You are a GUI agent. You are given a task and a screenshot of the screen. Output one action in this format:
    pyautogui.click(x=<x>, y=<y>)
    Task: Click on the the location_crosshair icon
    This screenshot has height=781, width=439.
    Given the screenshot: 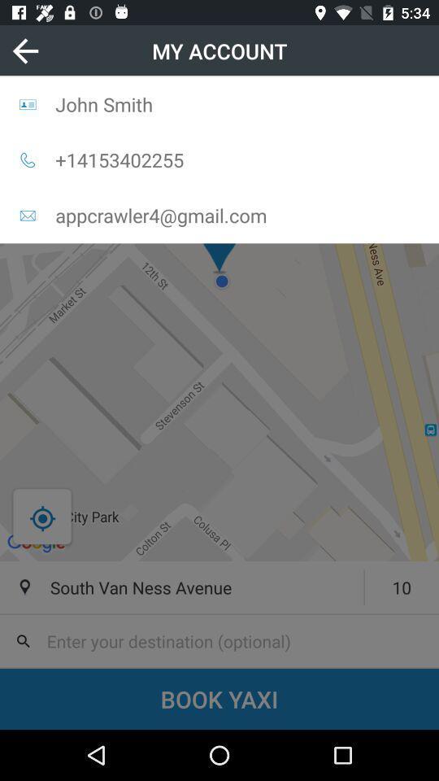 What is the action you would take?
    pyautogui.click(x=42, y=517)
    